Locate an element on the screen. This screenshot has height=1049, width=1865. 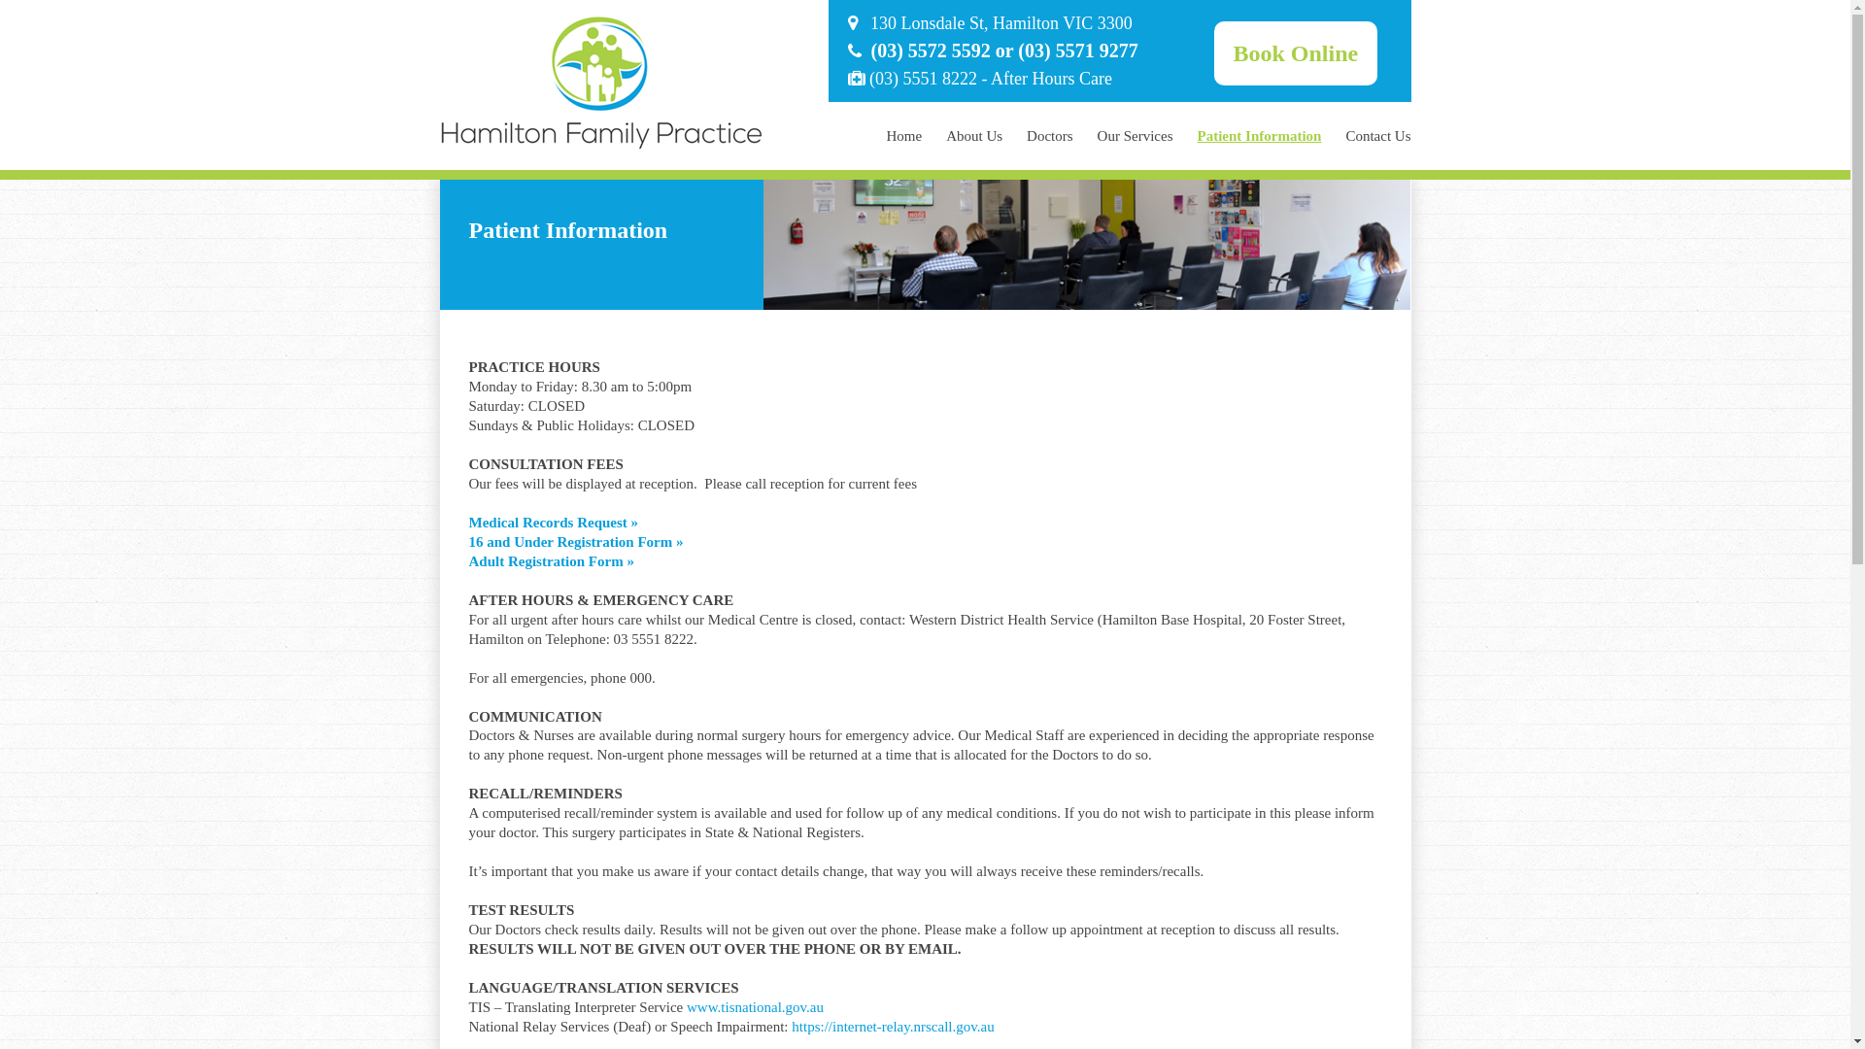
'Doctors' is located at coordinates (1048, 134).